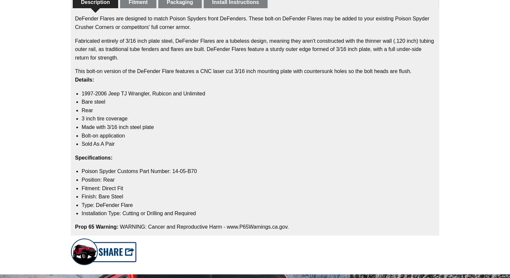 The image size is (510, 278). Describe the element at coordinates (117, 126) in the screenshot. I see `'Made with 3/16 inch steel plate'` at that location.